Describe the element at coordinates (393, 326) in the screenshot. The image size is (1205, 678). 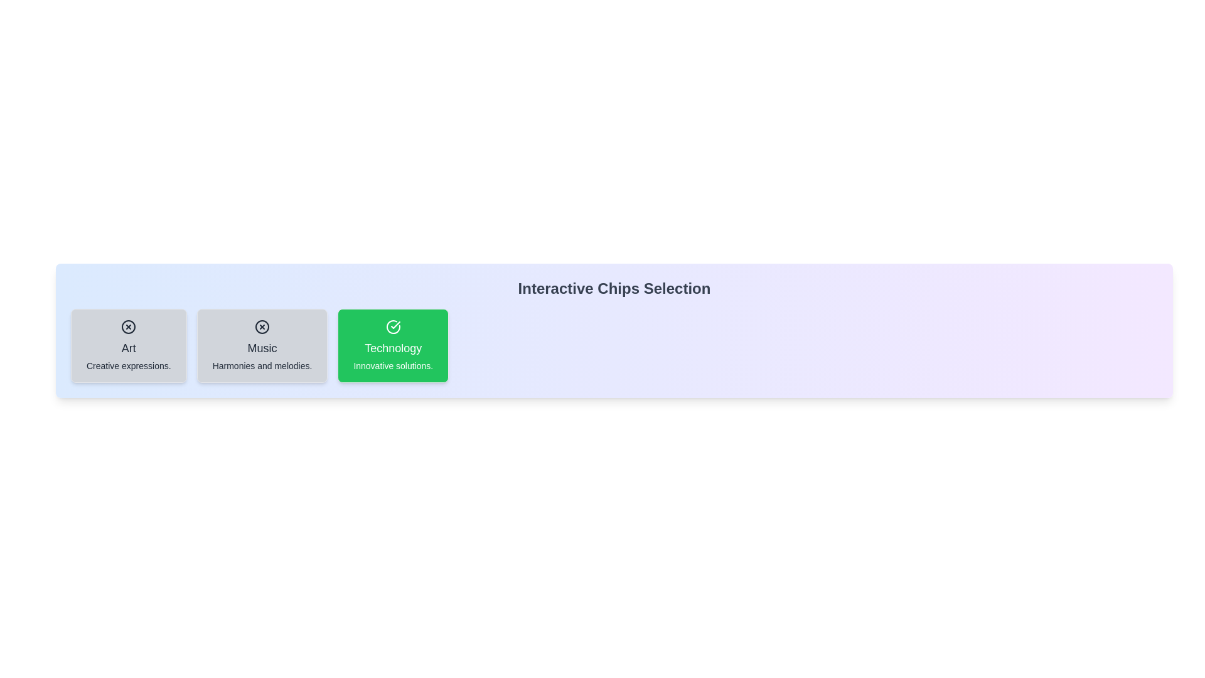
I see `the icon of the chip labeled 'Technology' to toggle its selection state` at that location.